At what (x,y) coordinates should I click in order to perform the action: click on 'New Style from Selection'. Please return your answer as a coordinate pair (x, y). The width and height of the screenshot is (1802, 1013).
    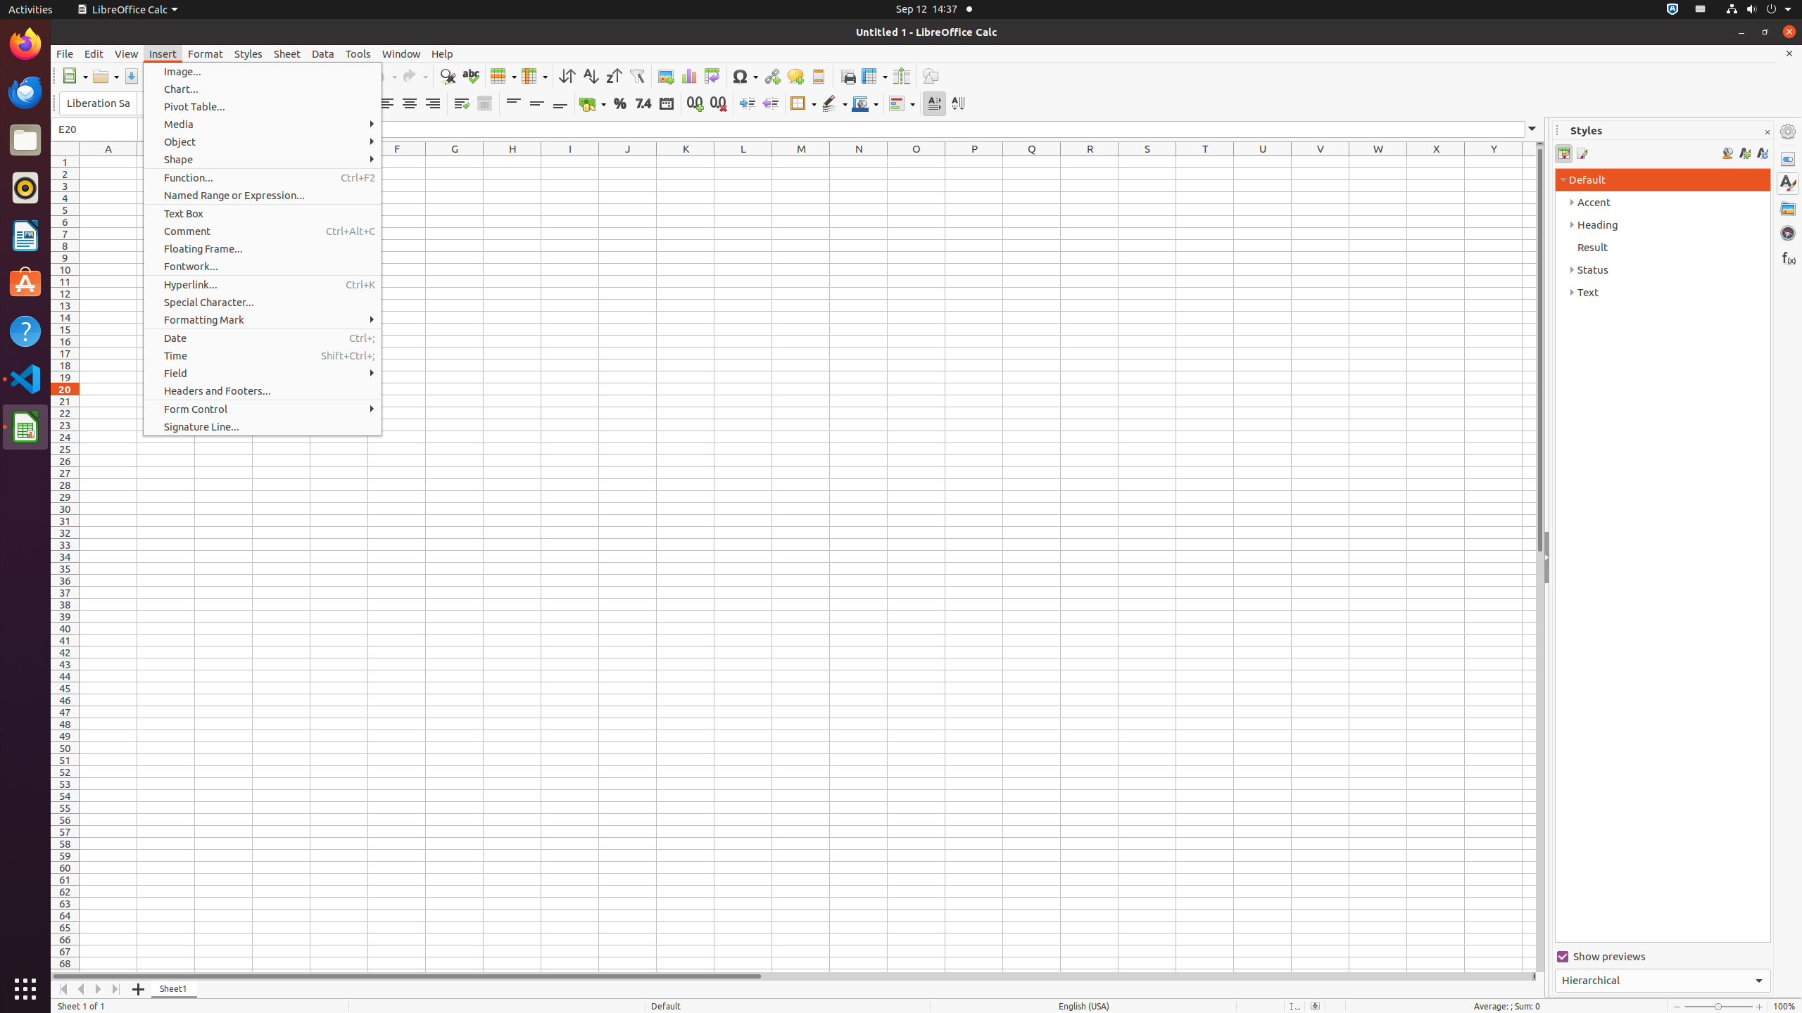
    Looking at the image, I should click on (1744, 153).